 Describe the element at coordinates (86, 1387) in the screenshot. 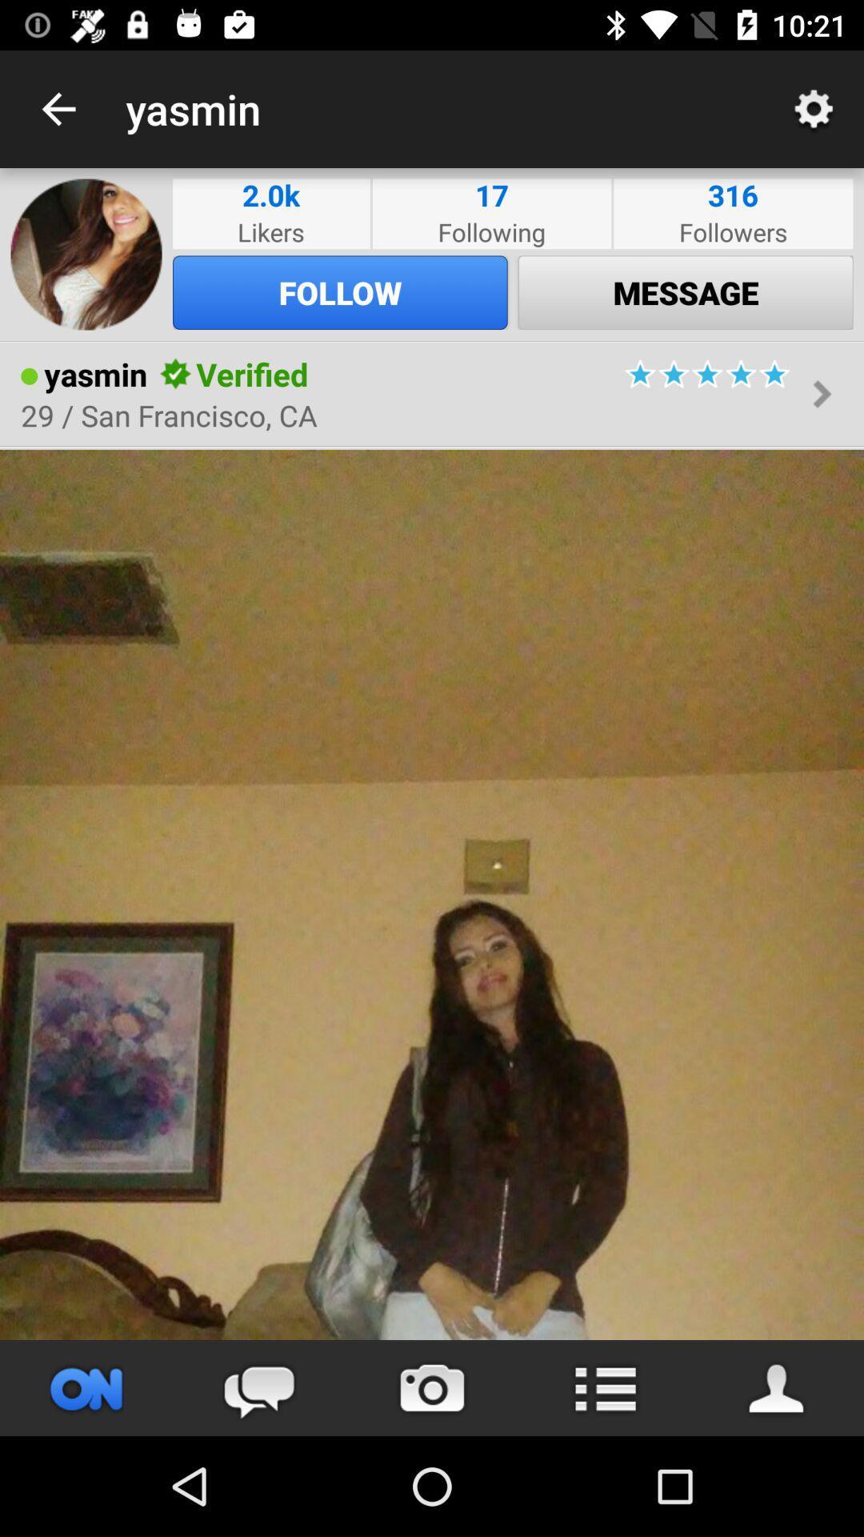

I see `the sliders icon` at that location.